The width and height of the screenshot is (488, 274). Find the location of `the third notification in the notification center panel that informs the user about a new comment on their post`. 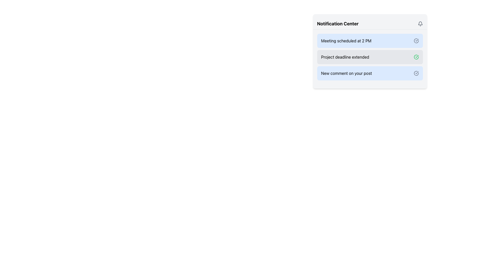

the third notification in the notification center panel that informs the user about a new comment on their post is located at coordinates (370, 73).